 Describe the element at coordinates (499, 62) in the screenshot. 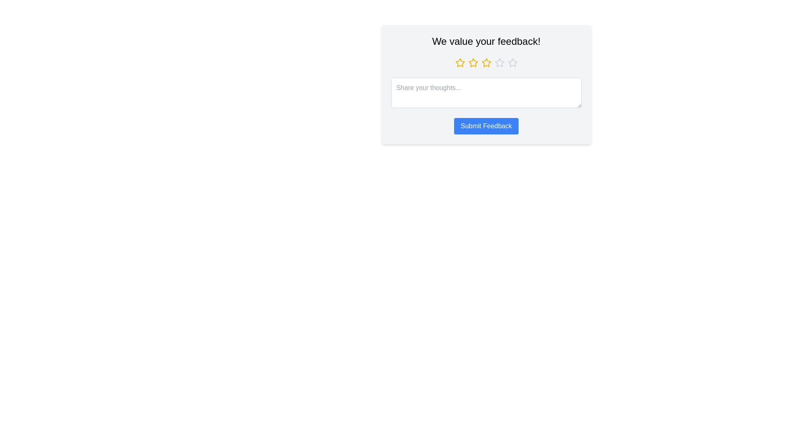

I see `the fourth star in the rating system` at that location.